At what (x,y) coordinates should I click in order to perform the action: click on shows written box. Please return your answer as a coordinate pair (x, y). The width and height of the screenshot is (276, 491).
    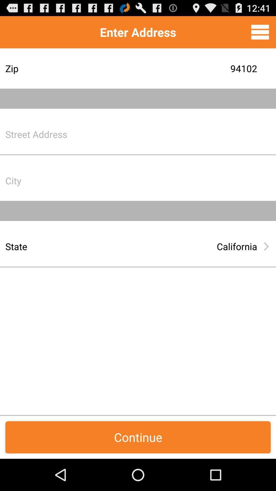
    Looking at the image, I should click on (177, 181).